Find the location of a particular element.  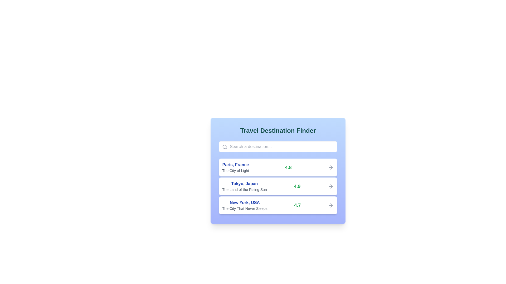

the travel destination using the information from the Text Label located is located at coordinates (244, 202).